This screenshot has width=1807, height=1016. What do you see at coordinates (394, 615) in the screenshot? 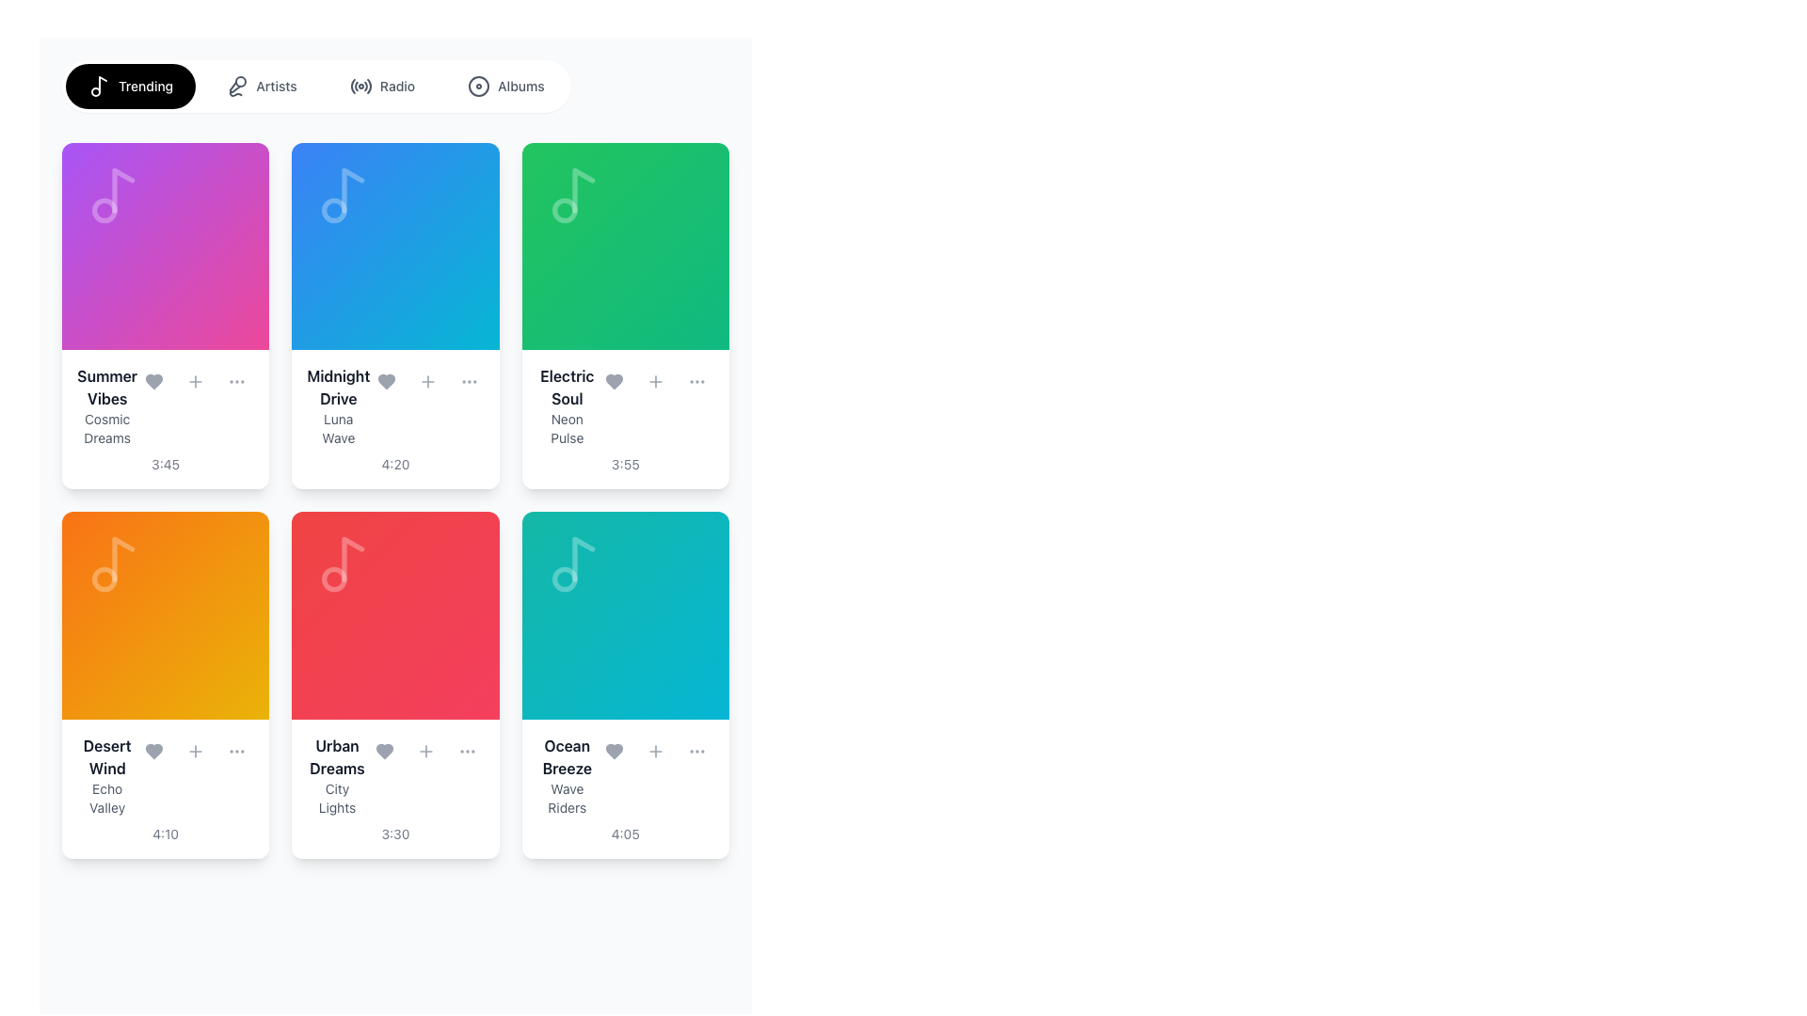
I see `the square card with a gradient background transitioning from red to rose, which contains a translucent musical note icon in the top-left corner, located in the second row and second column of the grid layout` at bounding box center [394, 615].